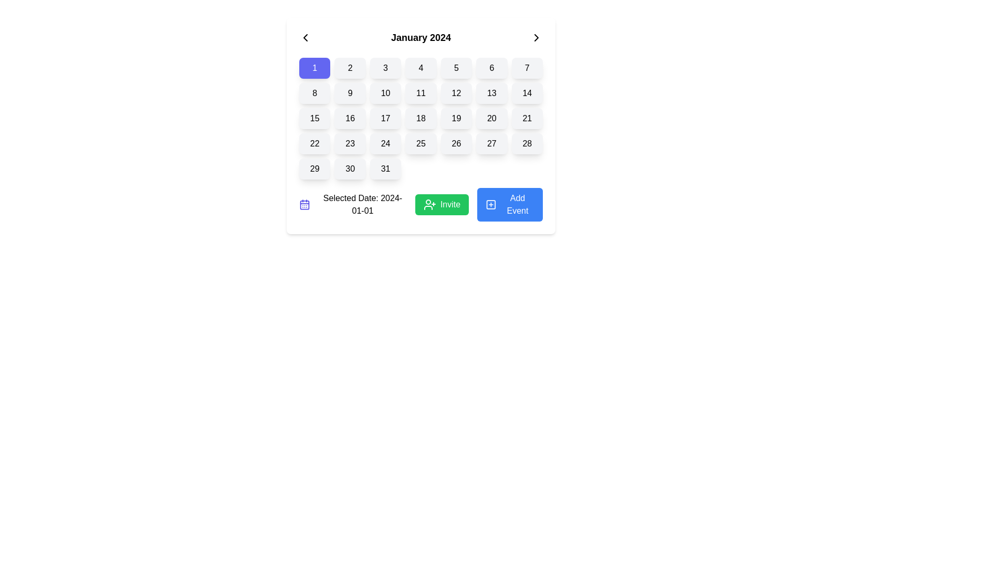 The image size is (1008, 567). What do you see at coordinates (527, 68) in the screenshot?
I see `the square-shaped calendar day button labeled '7'` at bounding box center [527, 68].